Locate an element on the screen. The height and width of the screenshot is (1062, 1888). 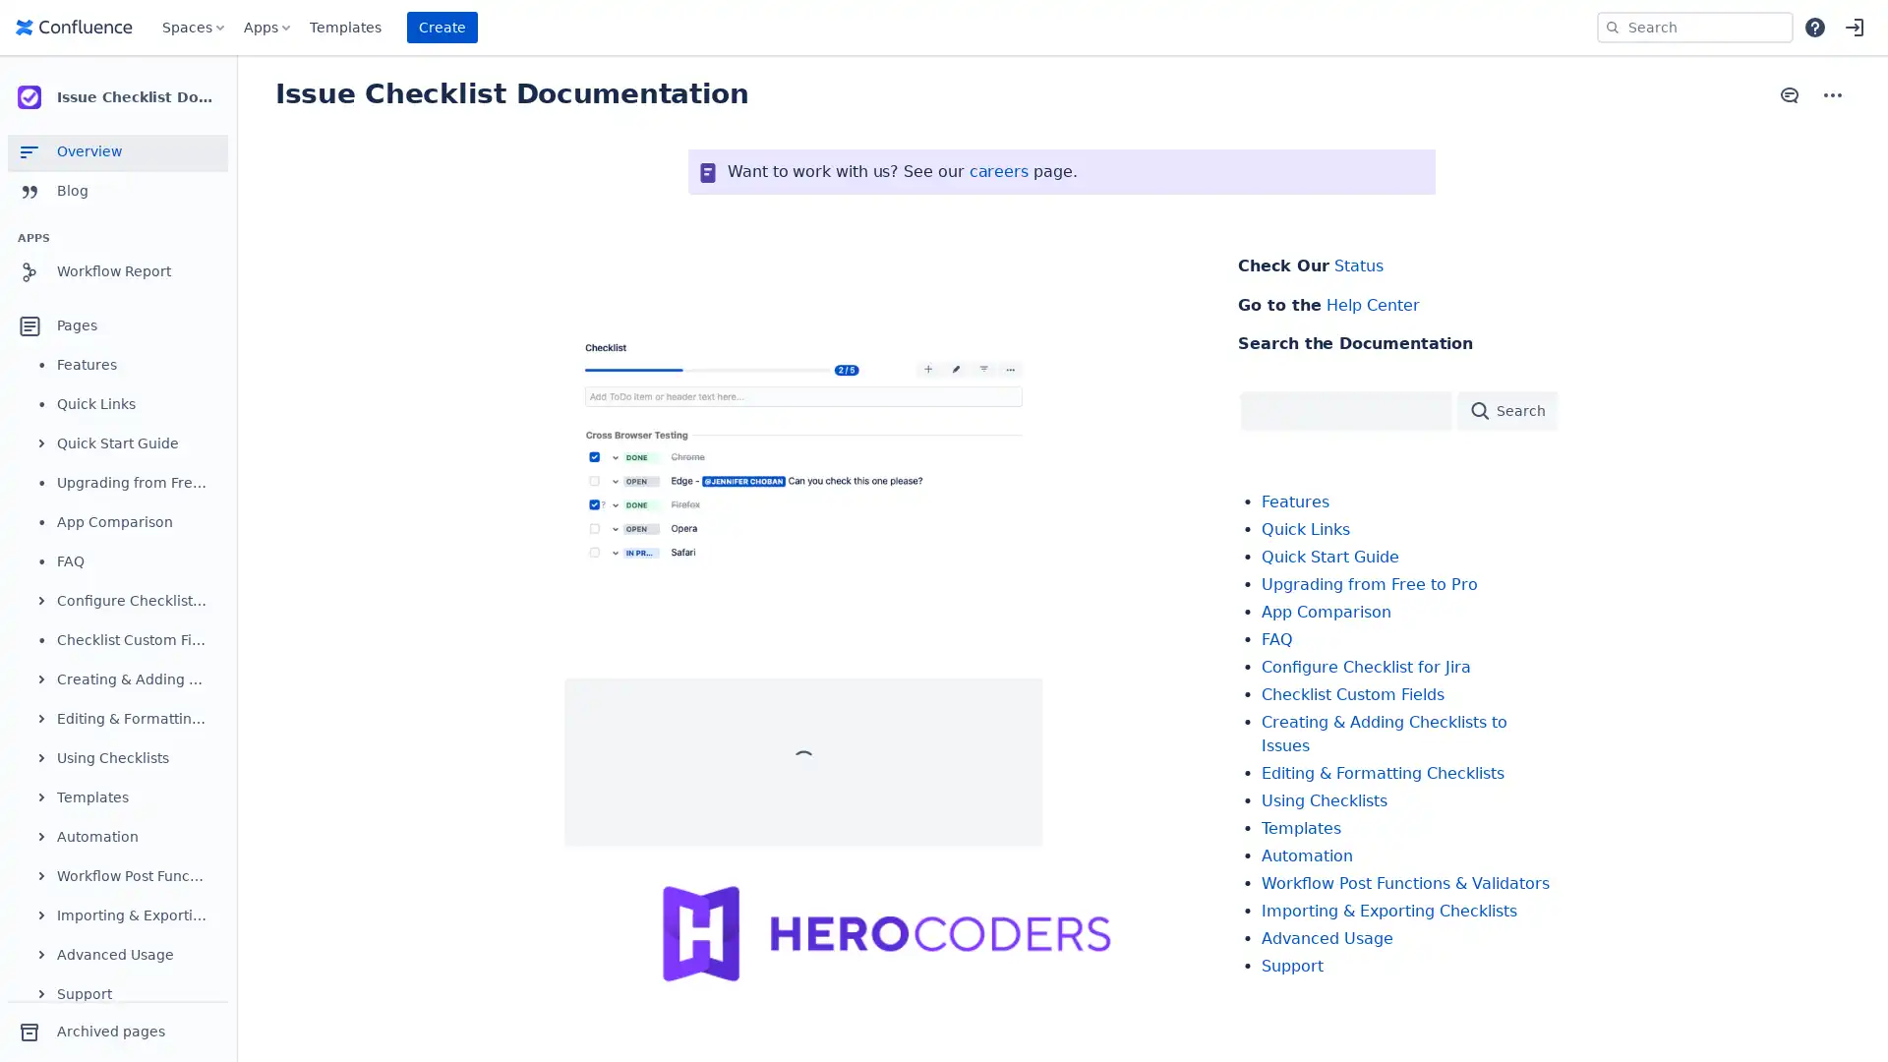
search icon Search is located at coordinates (1504, 408).